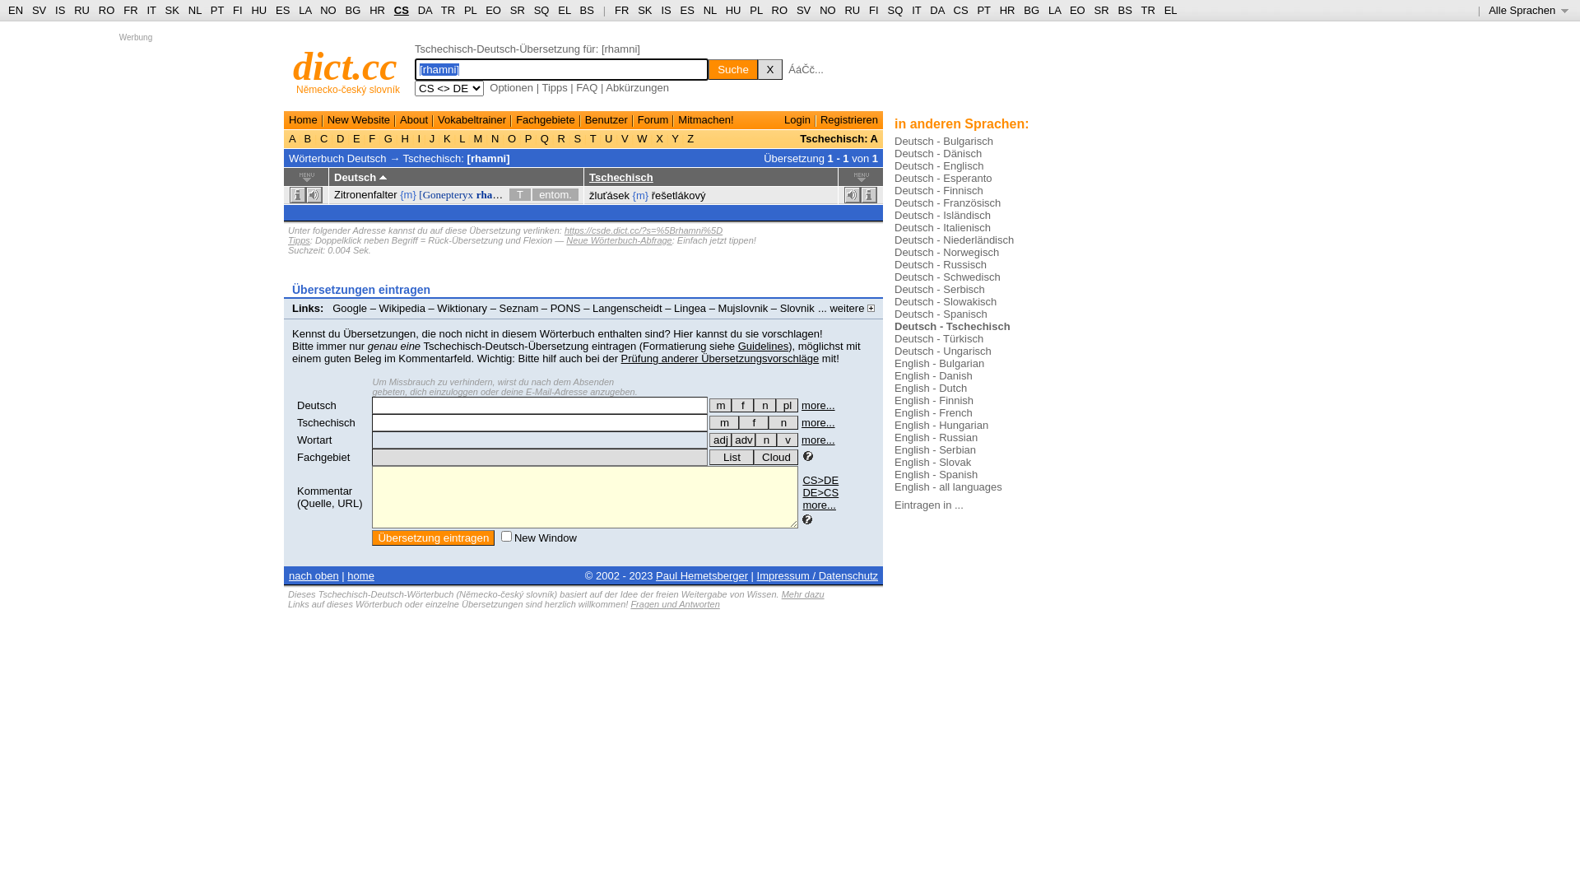  What do you see at coordinates (802, 593) in the screenshot?
I see `'Mehr dazu'` at bounding box center [802, 593].